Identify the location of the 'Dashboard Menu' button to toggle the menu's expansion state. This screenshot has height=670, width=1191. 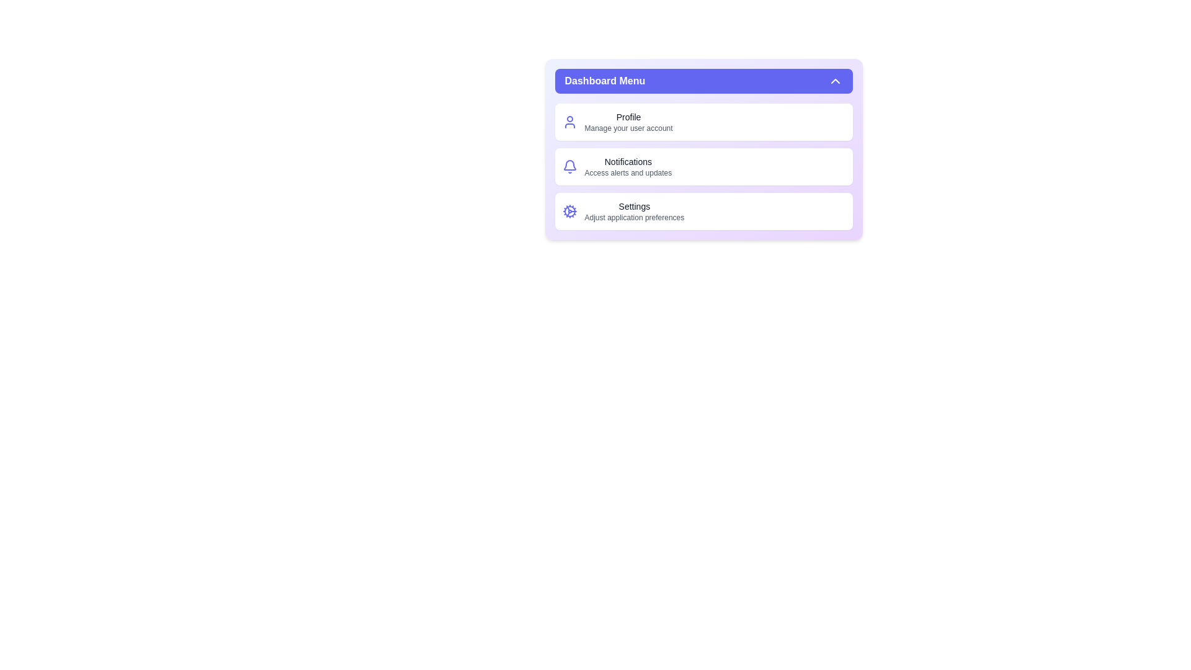
(703, 81).